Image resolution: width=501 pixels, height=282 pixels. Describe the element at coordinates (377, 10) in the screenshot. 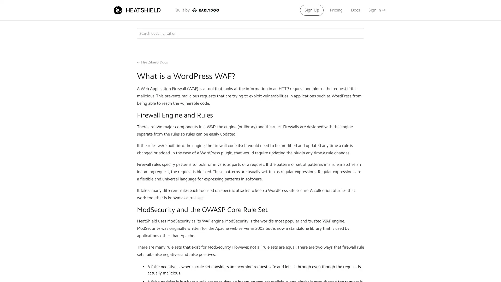

I see `Sign in` at that location.